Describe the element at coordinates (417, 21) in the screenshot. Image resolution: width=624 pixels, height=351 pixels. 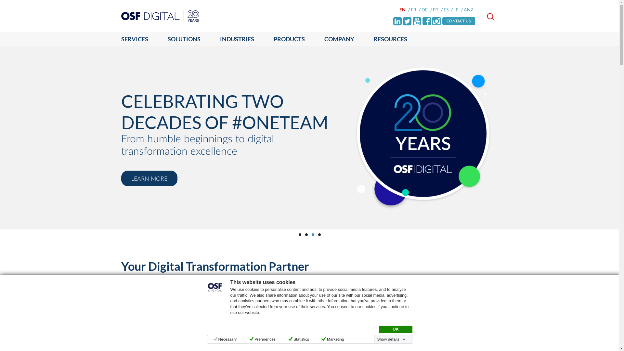
I see `'Youtube'` at that location.